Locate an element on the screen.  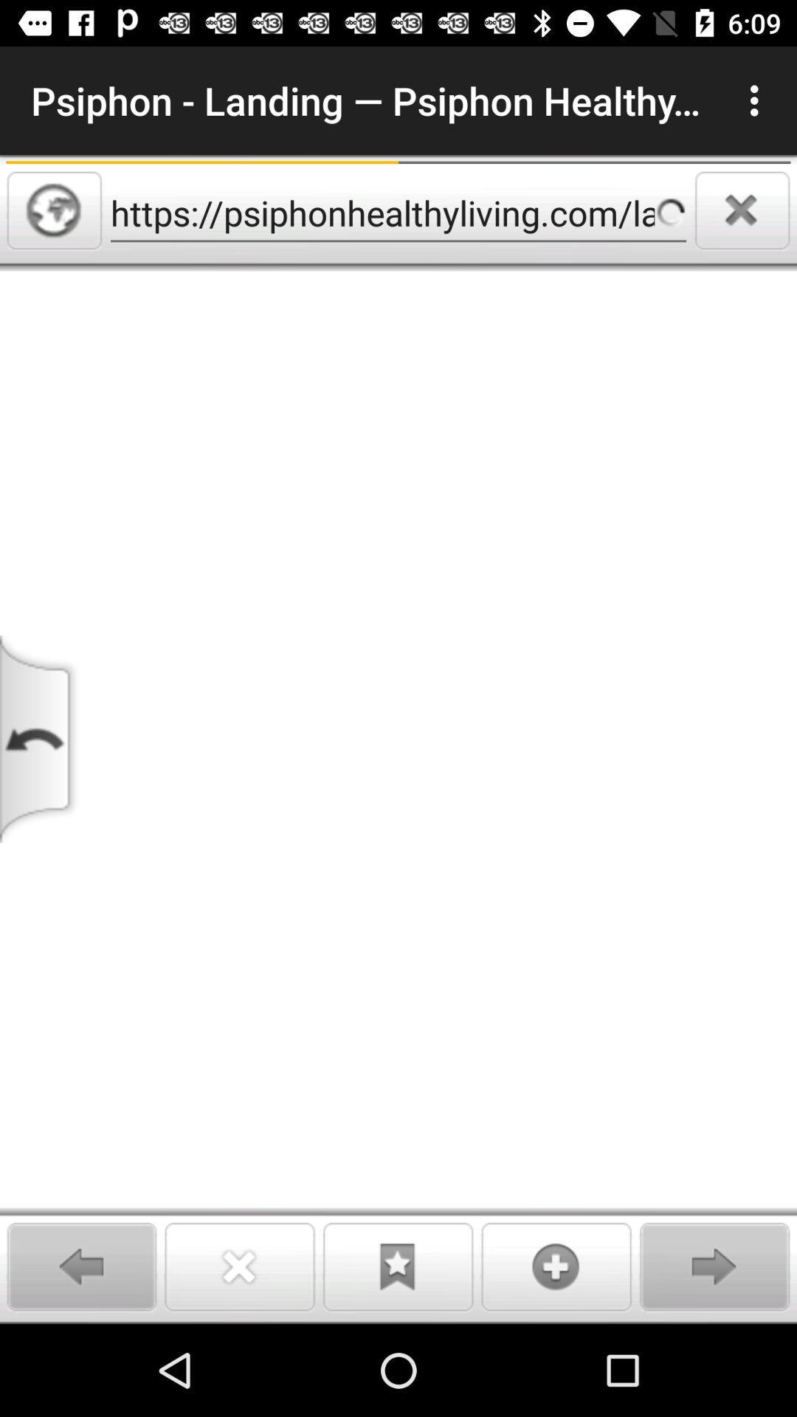
open new page is located at coordinates (556, 1266).